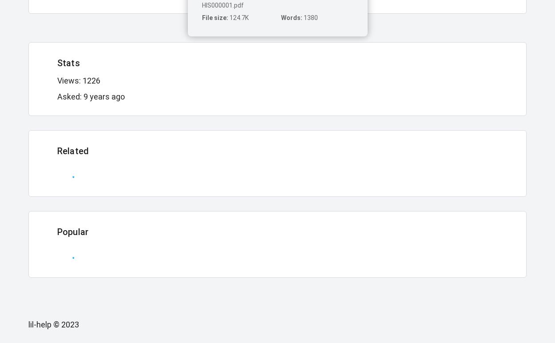 The image size is (555, 343). What do you see at coordinates (310, 16) in the screenshot?
I see `'1380'` at bounding box center [310, 16].